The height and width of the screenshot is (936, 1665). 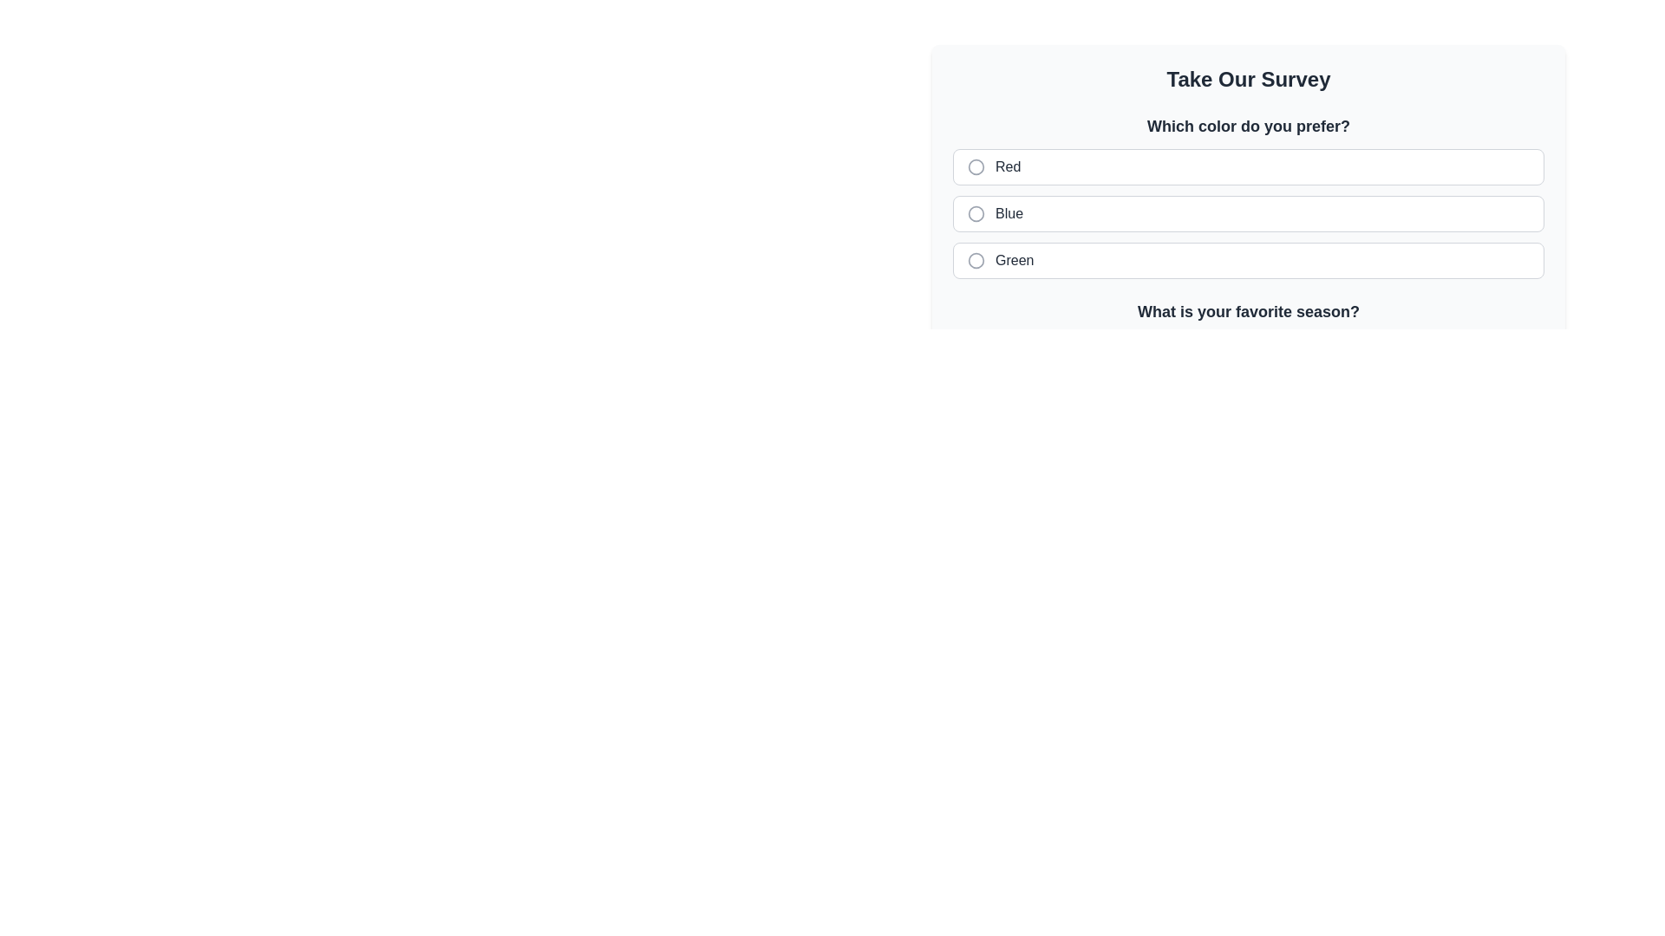 I want to click on the Circle graphic located just below the survey form, slightly to the left of its horizontal center, so click(x=976, y=352).